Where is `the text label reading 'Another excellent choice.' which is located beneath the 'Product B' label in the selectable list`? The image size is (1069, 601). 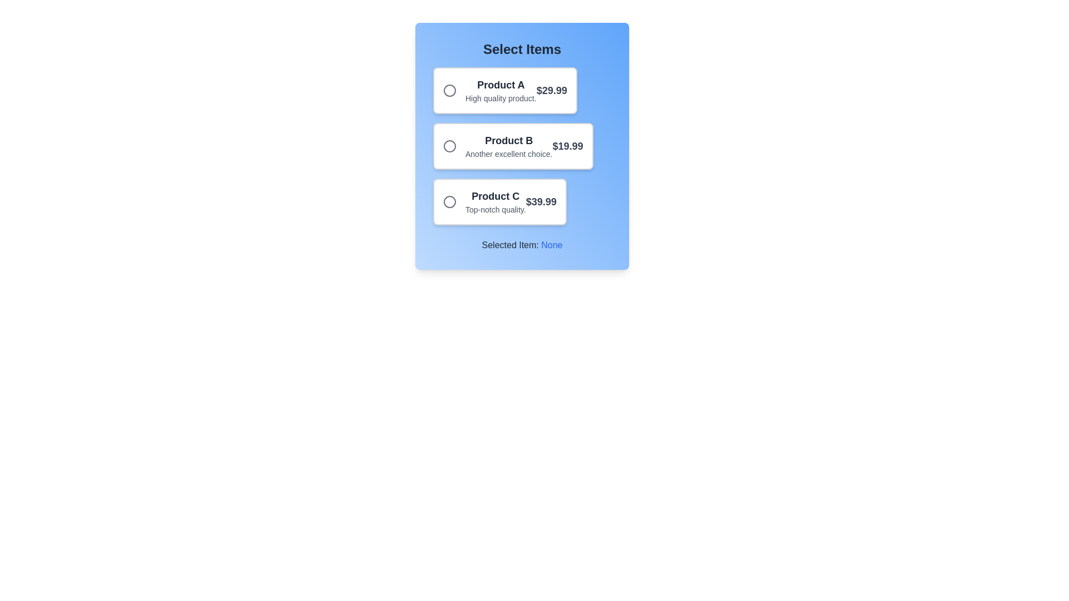
the text label reading 'Another excellent choice.' which is located beneath the 'Product B' label in the selectable list is located at coordinates (508, 154).